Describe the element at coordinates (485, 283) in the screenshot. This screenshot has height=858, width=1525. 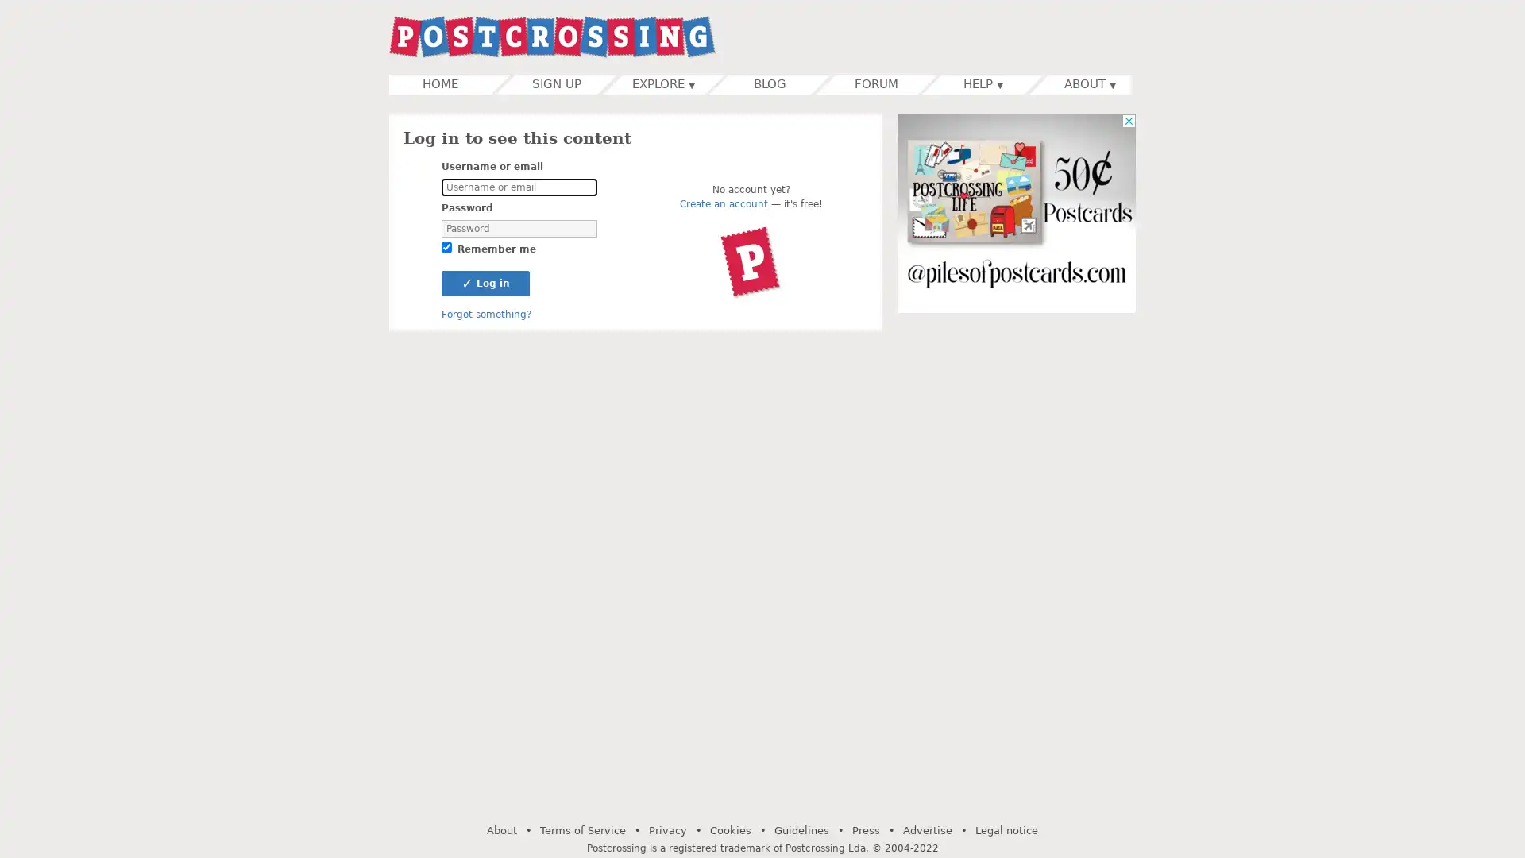
I see `Log in` at that location.